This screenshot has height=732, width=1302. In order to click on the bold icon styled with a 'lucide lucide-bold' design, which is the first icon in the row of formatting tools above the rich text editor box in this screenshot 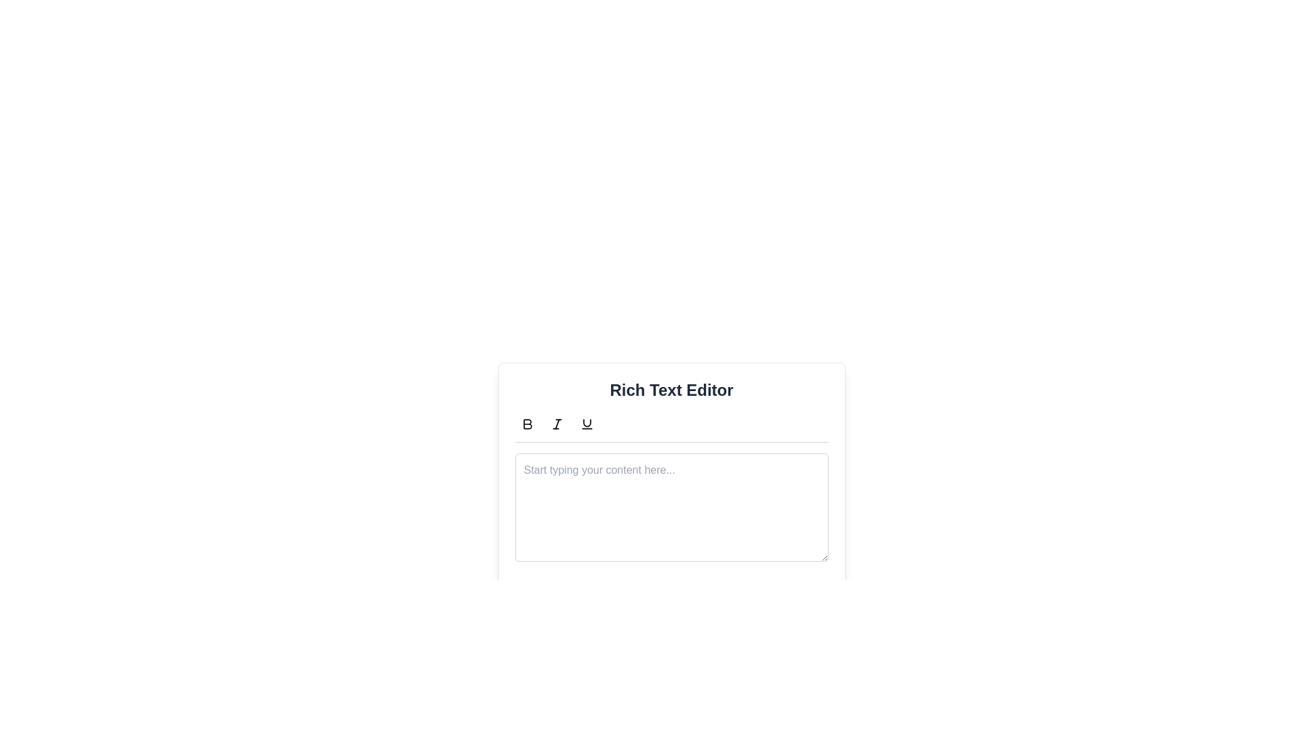, I will do `click(526, 423)`.